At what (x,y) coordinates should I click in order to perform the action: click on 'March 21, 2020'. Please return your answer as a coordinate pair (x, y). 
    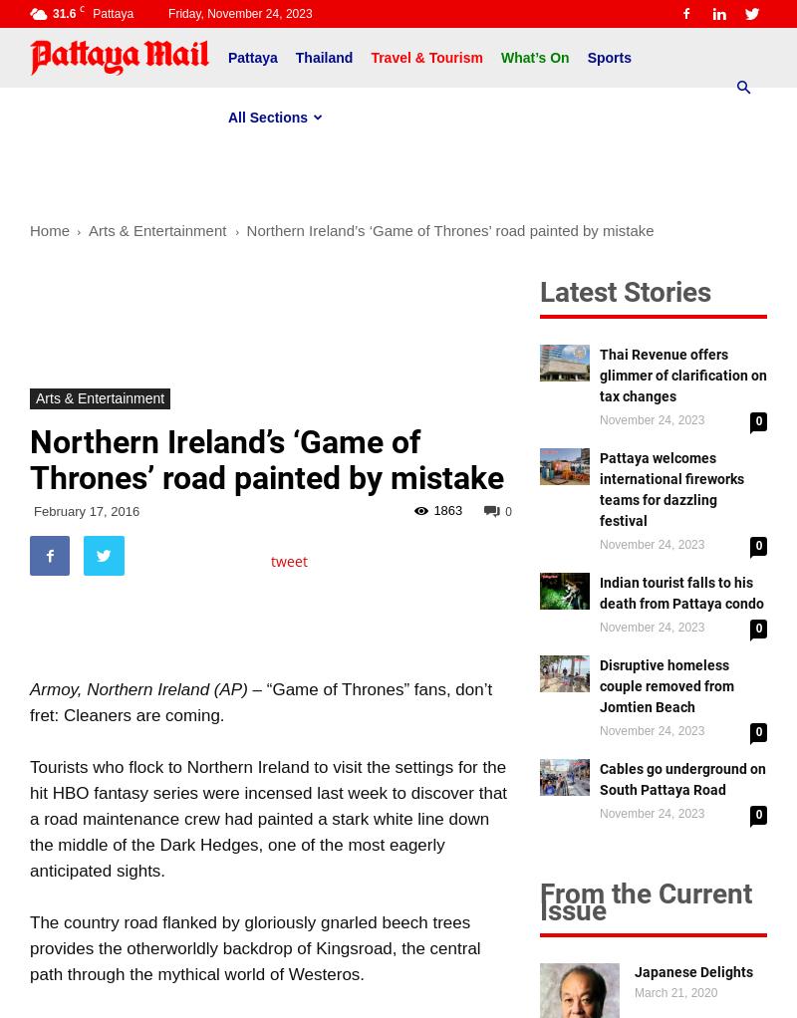
    Looking at the image, I should click on (675, 992).